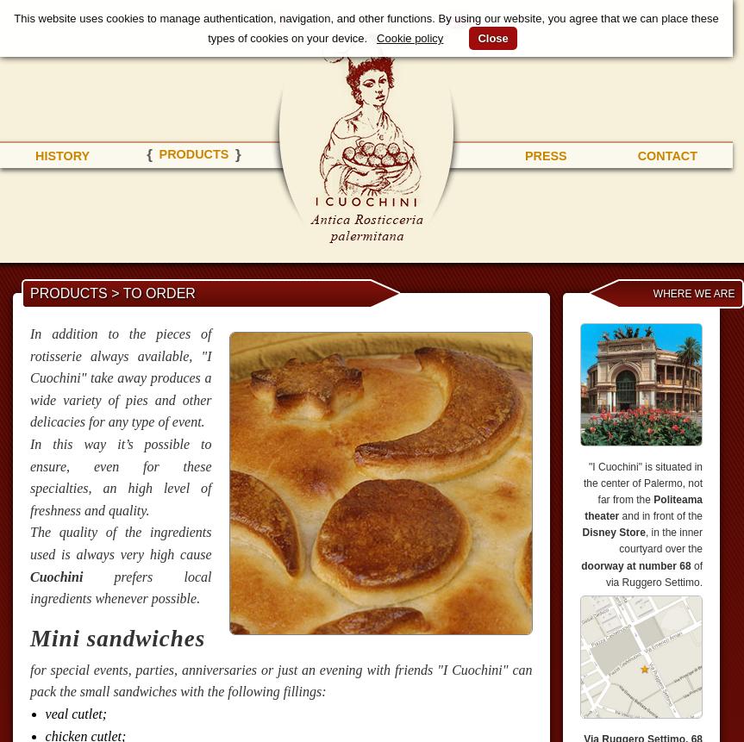  Describe the element at coordinates (660, 540) in the screenshot. I see `', 
in the inner courtyard over the'` at that location.